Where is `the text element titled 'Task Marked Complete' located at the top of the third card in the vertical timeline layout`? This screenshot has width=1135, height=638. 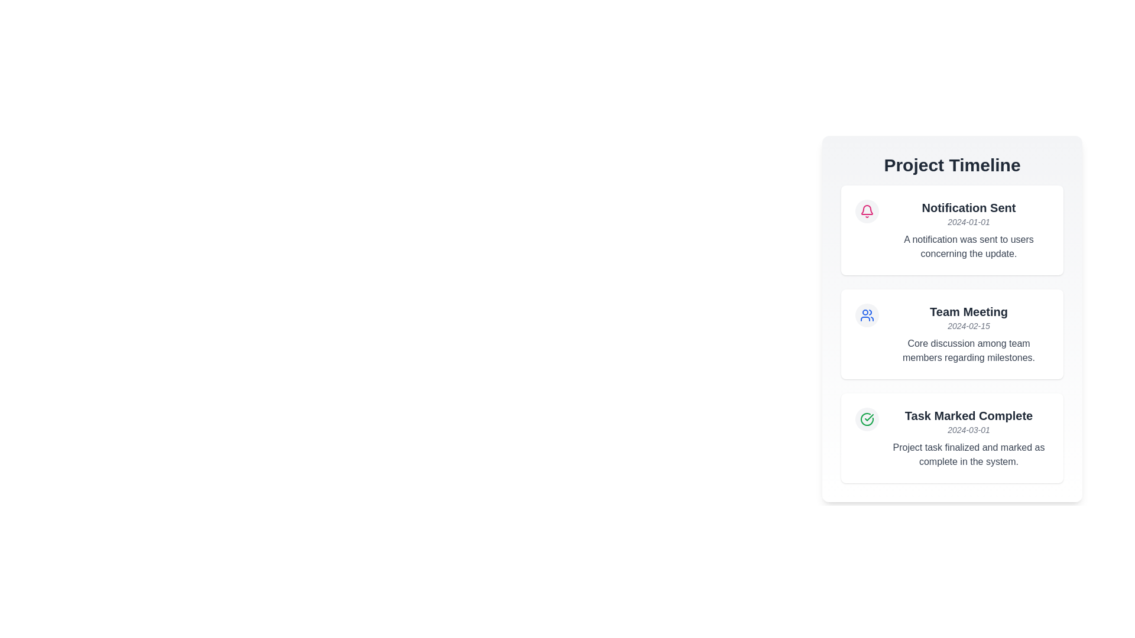
the text element titled 'Task Marked Complete' located at the top of the third card in the vertical timeline layout is located at coordinates (968, 415).